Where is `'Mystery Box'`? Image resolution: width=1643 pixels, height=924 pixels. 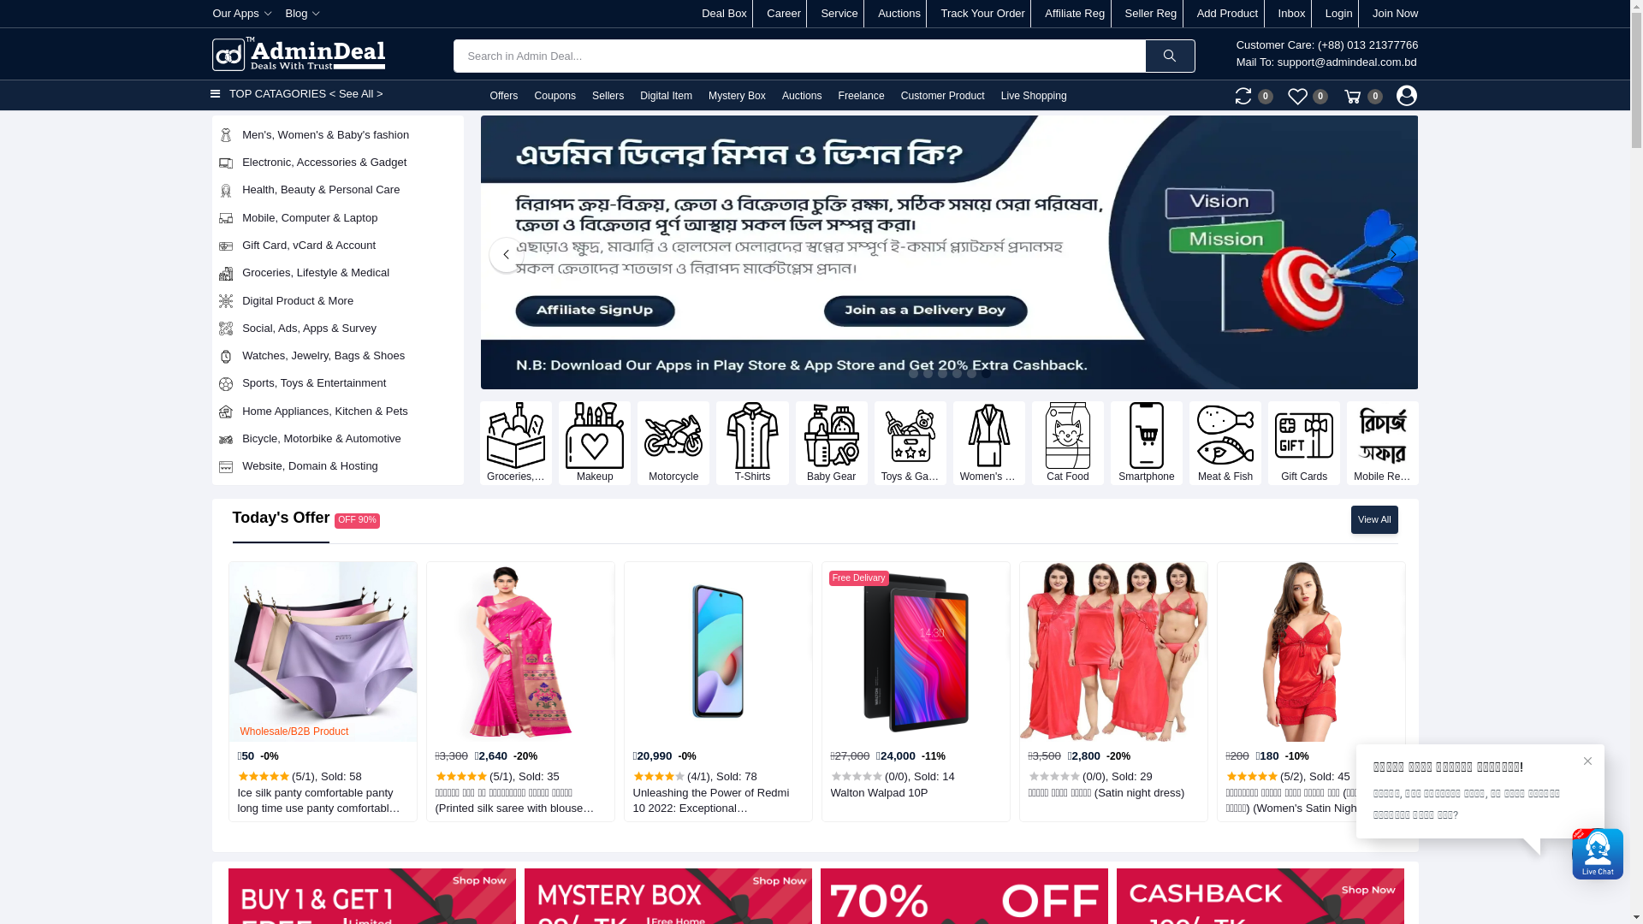
'Mystery Box' is located at coordinates (736, 95).